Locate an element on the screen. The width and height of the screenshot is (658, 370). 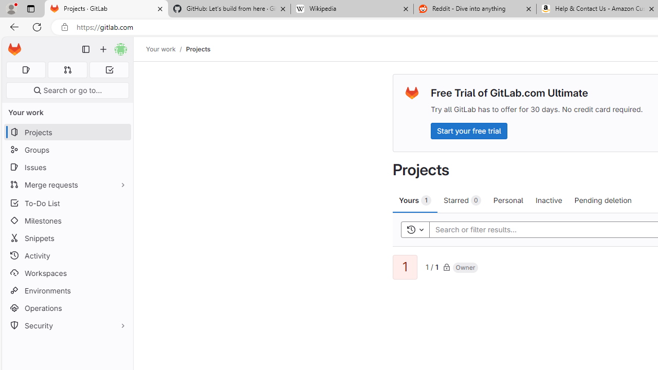
'Pending deletion' is located at coordinates (603, 200).